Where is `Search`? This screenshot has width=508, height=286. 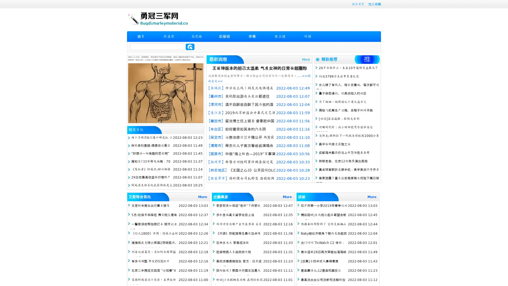 Search is located at coordinates (190, 47).